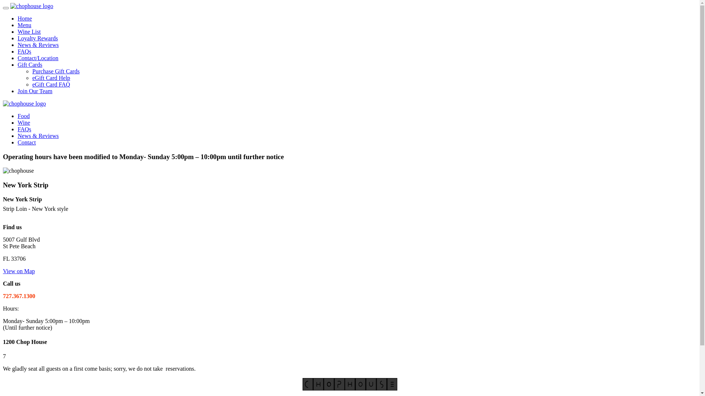 The image size is (705, 396). Describe the element at coordinates (19, 271) in the screenshot. I see `'View on Map'` at that location.